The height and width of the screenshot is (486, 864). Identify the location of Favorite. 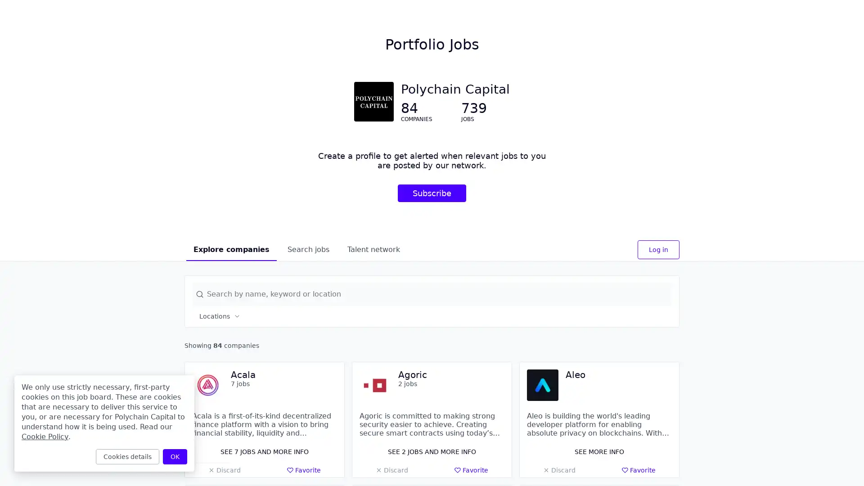
(304, 470).